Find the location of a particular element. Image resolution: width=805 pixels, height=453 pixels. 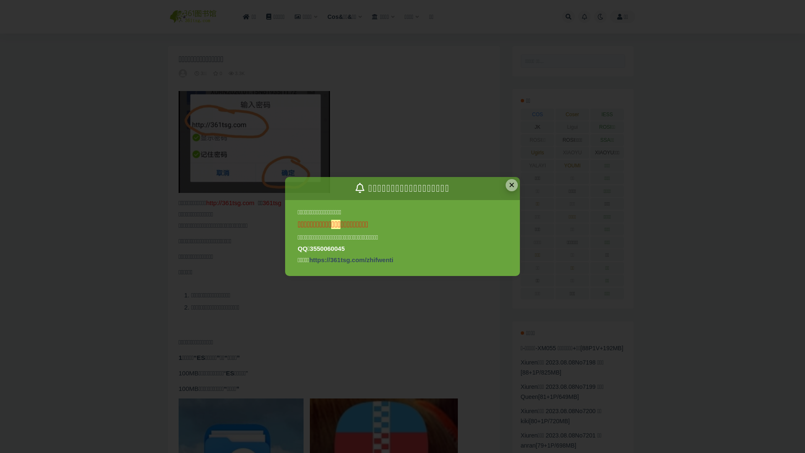

'Ugirls' is located at coordinates (538, 152).